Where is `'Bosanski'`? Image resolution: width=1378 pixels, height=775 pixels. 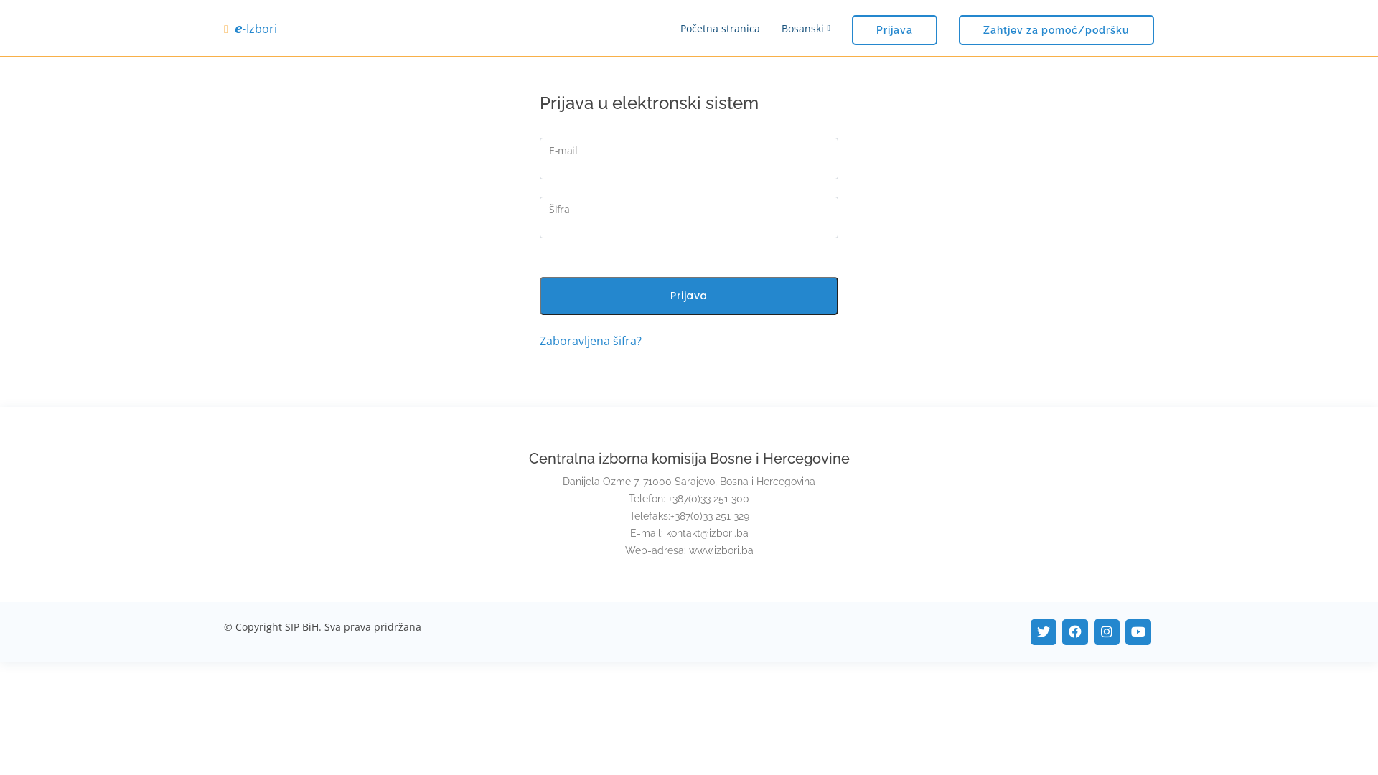
'Bosanski' is located at coordinates (795, 27).